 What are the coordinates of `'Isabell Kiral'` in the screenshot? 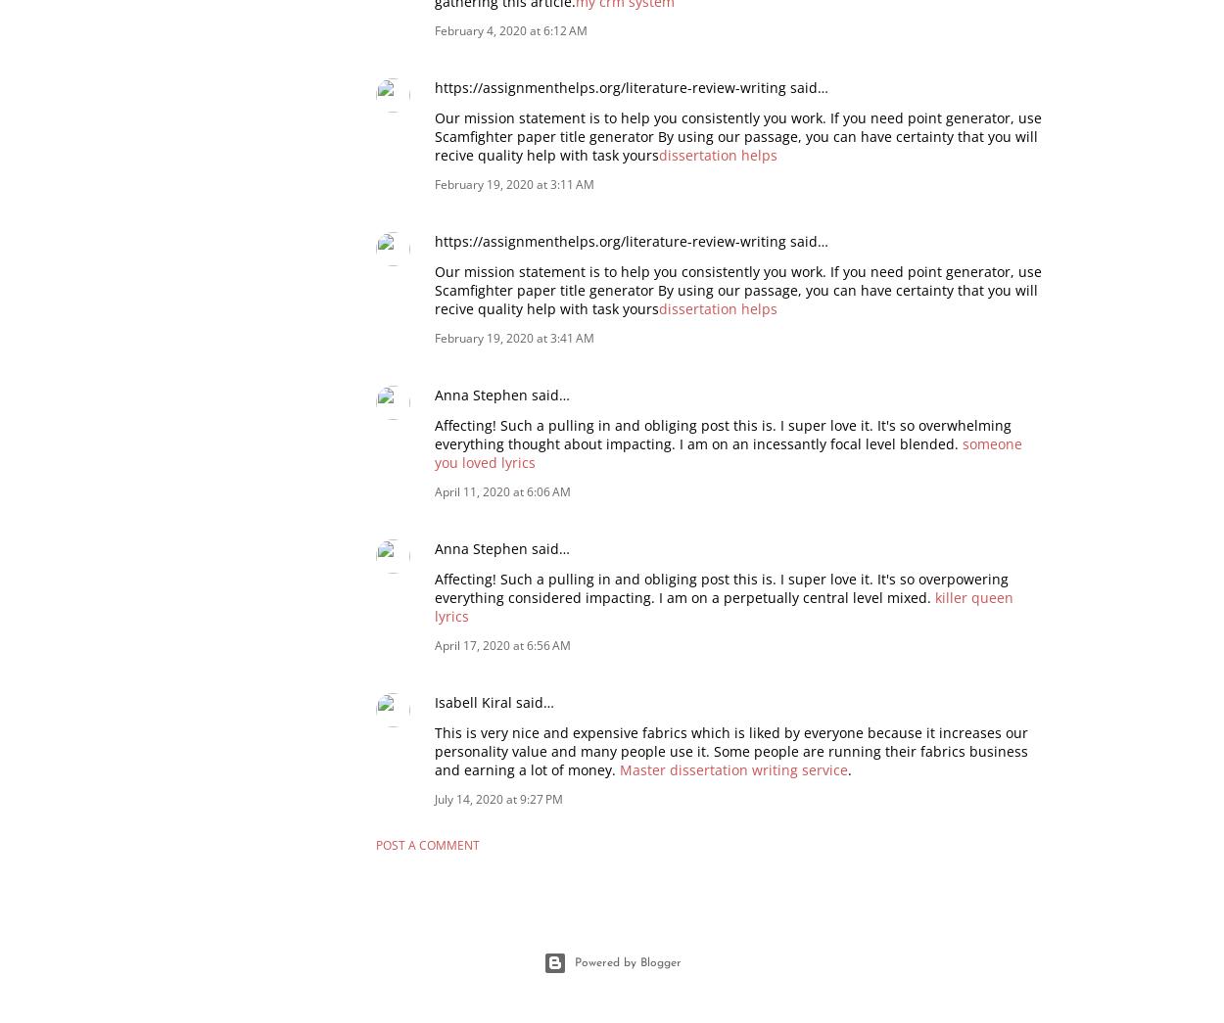 It's located at (434, 700).